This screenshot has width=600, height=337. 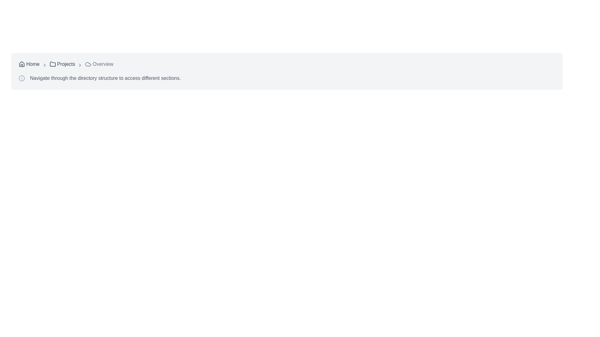 What do you see at coordinates (99, 65) in the screenshot?
I see `the 'Overview' static text label with an icon, which is the third item in the breadcrumb navigation sequence, indicating the current page context` at bounding box center [99, 65].